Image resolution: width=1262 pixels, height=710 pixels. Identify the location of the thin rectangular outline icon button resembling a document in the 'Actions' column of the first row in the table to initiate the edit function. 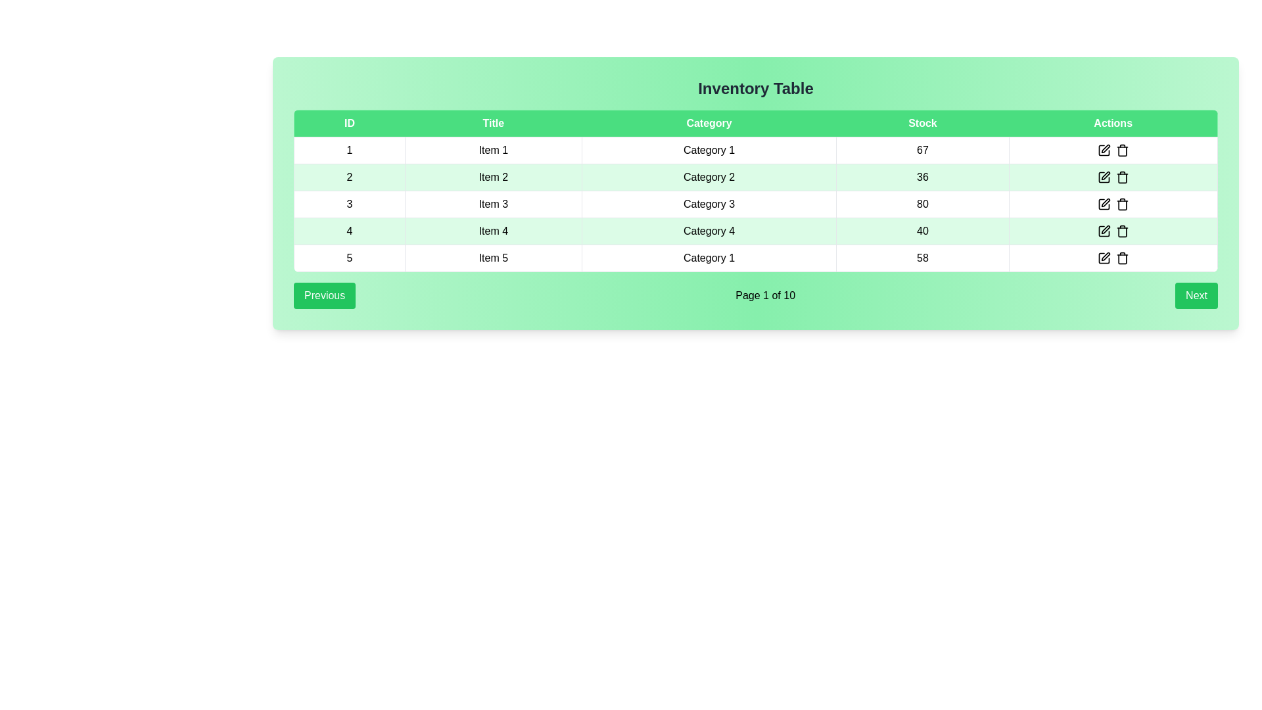
(1104, 149).